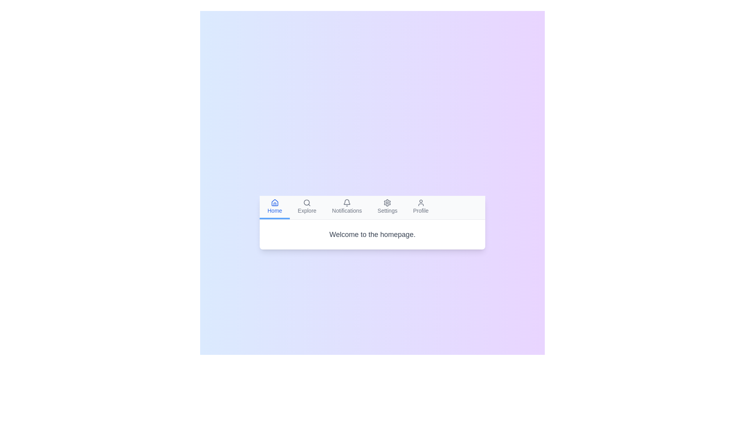  I want to click on the tab labeled Settings to inspect its content, so click(387, 206).